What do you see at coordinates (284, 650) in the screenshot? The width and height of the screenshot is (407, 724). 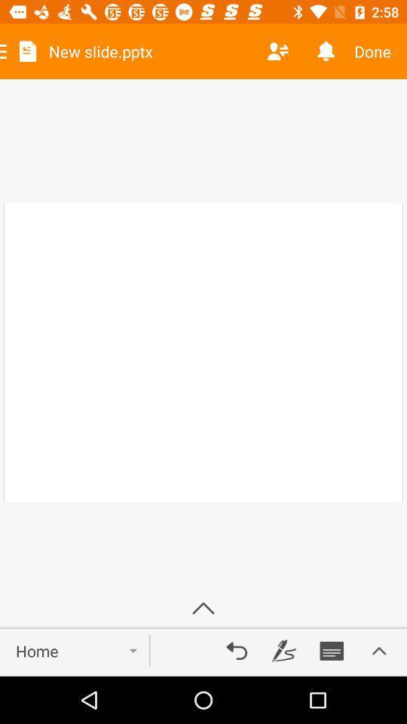 I see `the edit icon` at bounding box center [284, 650].